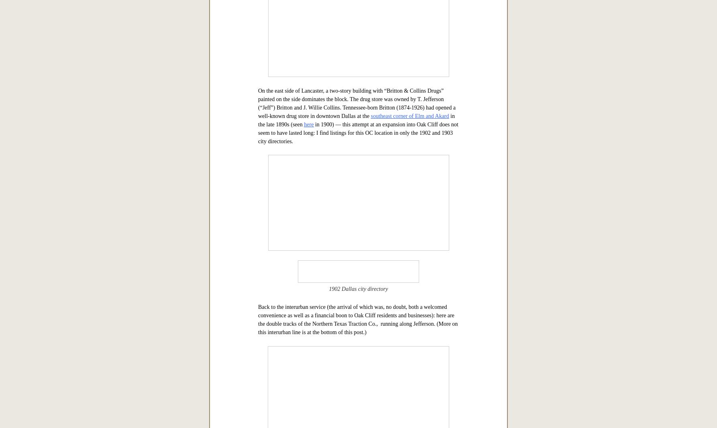 The height and width of the screenshot is (428, 717). Describe the element at coordinates (356, 372) in the screenshot. I see `'in the late 1890s (seen'` at that location.